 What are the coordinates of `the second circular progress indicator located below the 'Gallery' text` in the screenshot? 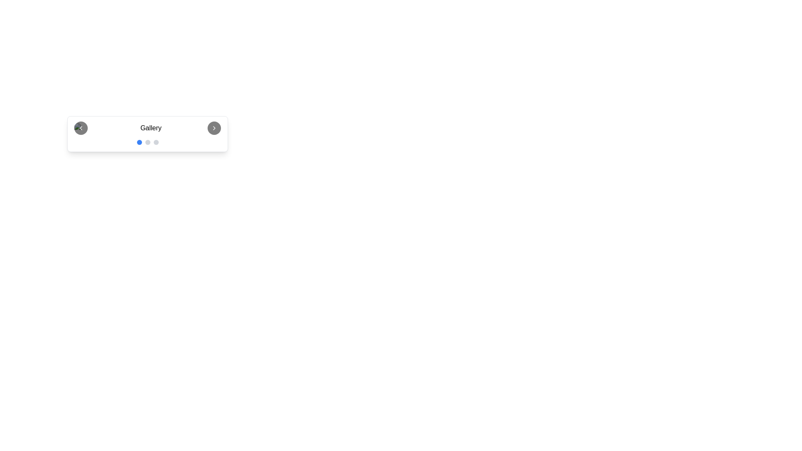 It's located at (147, 142).